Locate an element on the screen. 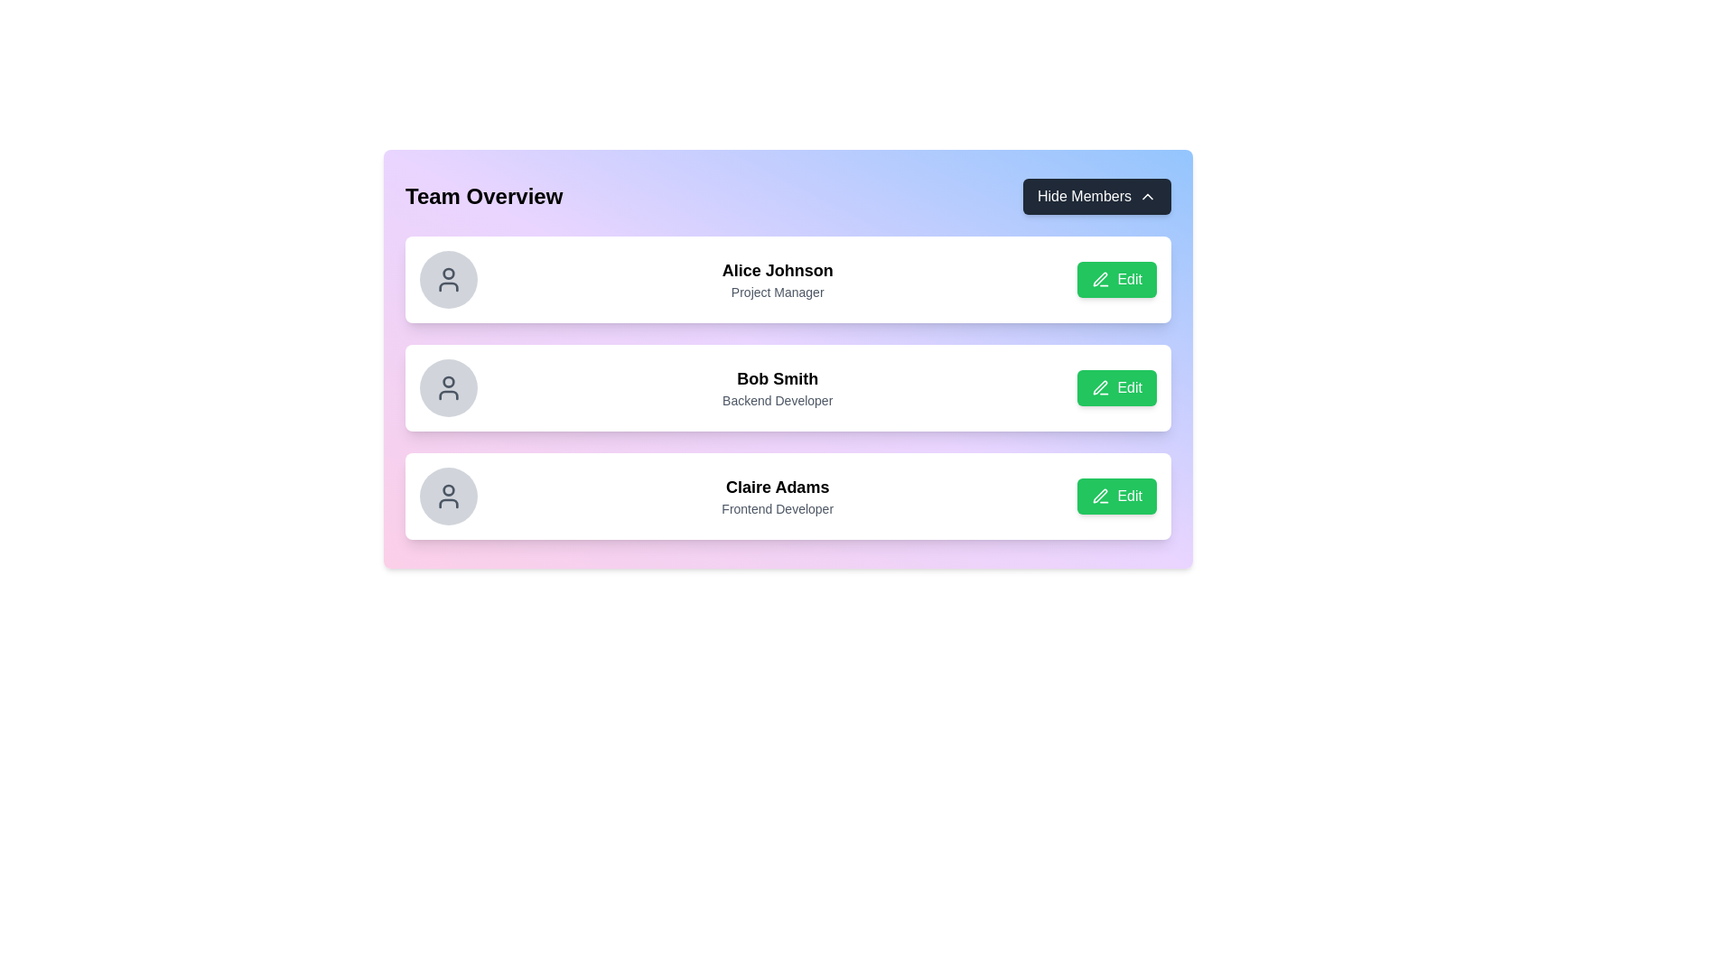 The height and width of the screenshot is (975, 1734). text content displaying 'Claire Adams' and 'Frontend Developer' located in the central area of the third card in the team overview section is located at coordinates (778, 497).